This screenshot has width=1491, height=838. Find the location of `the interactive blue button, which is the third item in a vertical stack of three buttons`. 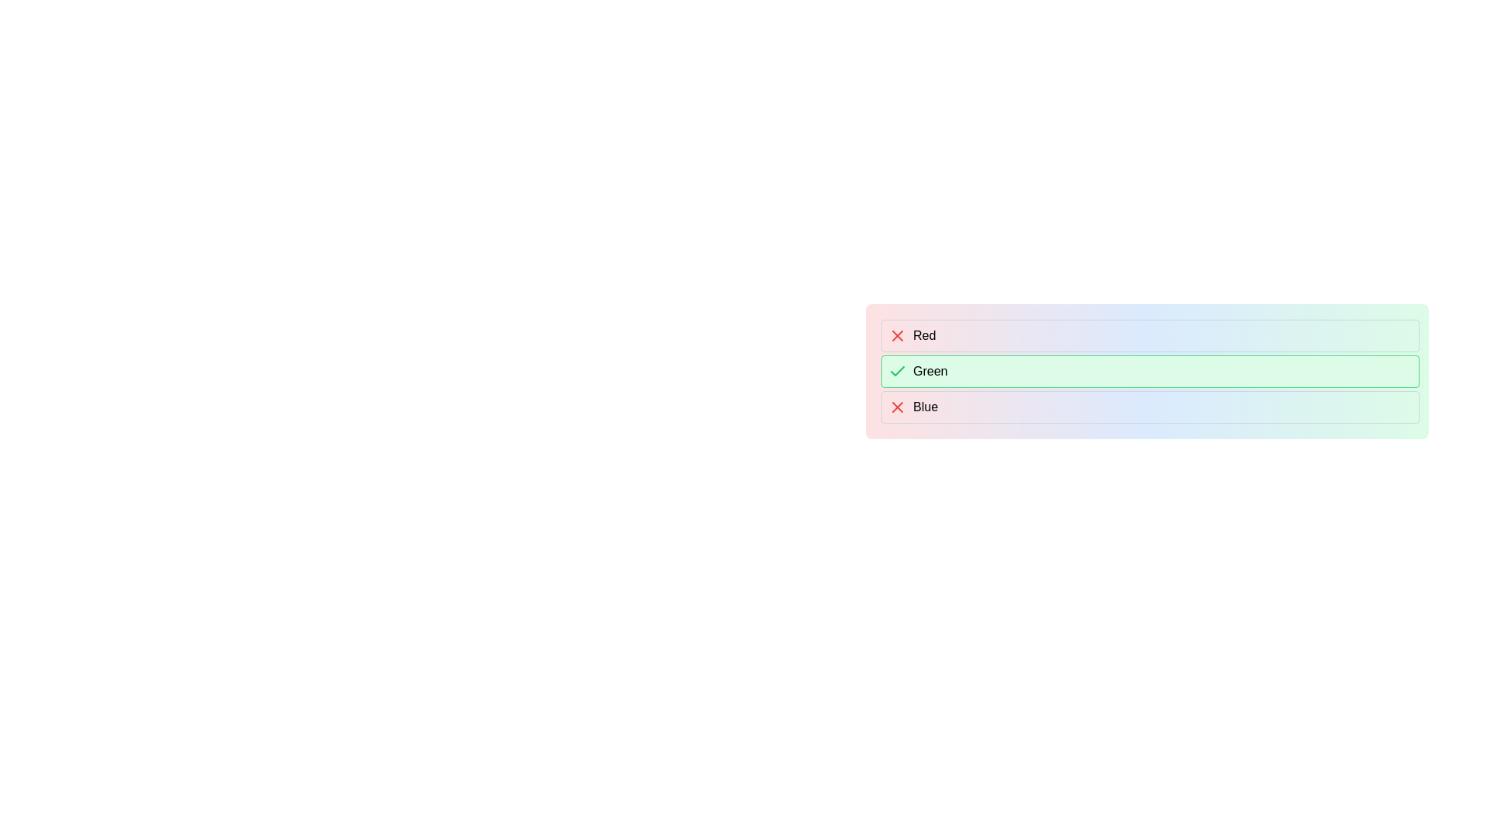

the interactive blue button, which is the third item in a vertical stack of three buttons is located at coordinates (1150, 406).